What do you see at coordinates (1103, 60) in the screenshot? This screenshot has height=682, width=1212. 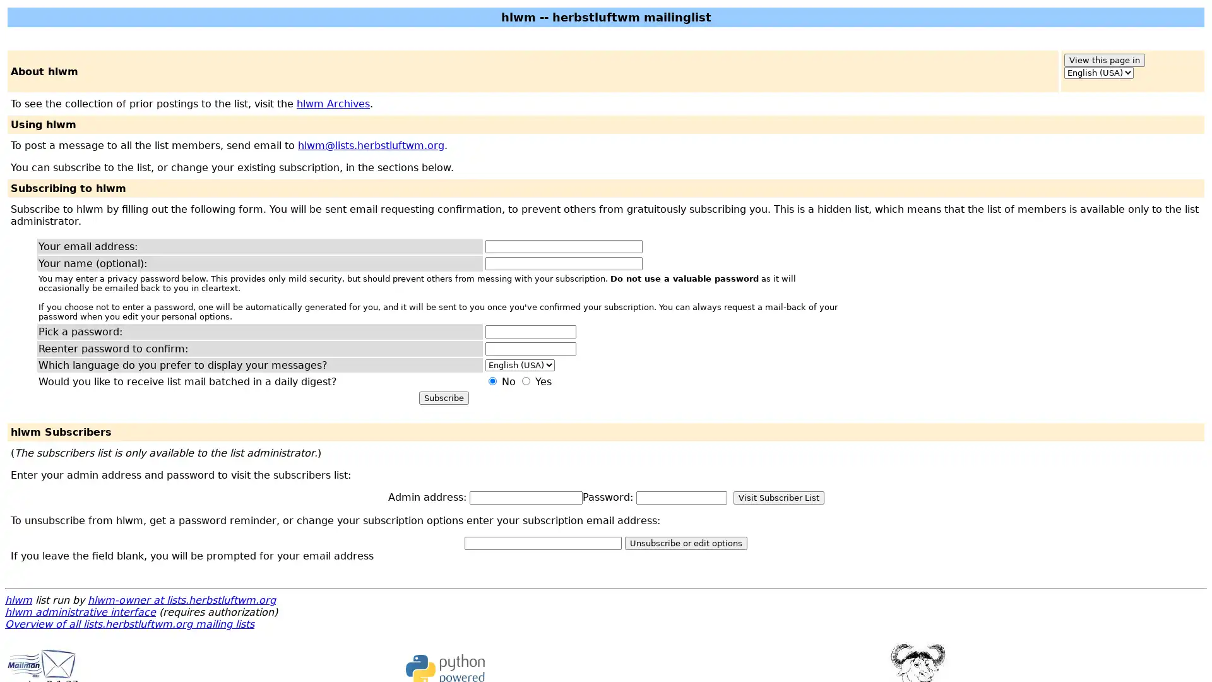 I see `View this page in` at bounding box center [1103, 60].